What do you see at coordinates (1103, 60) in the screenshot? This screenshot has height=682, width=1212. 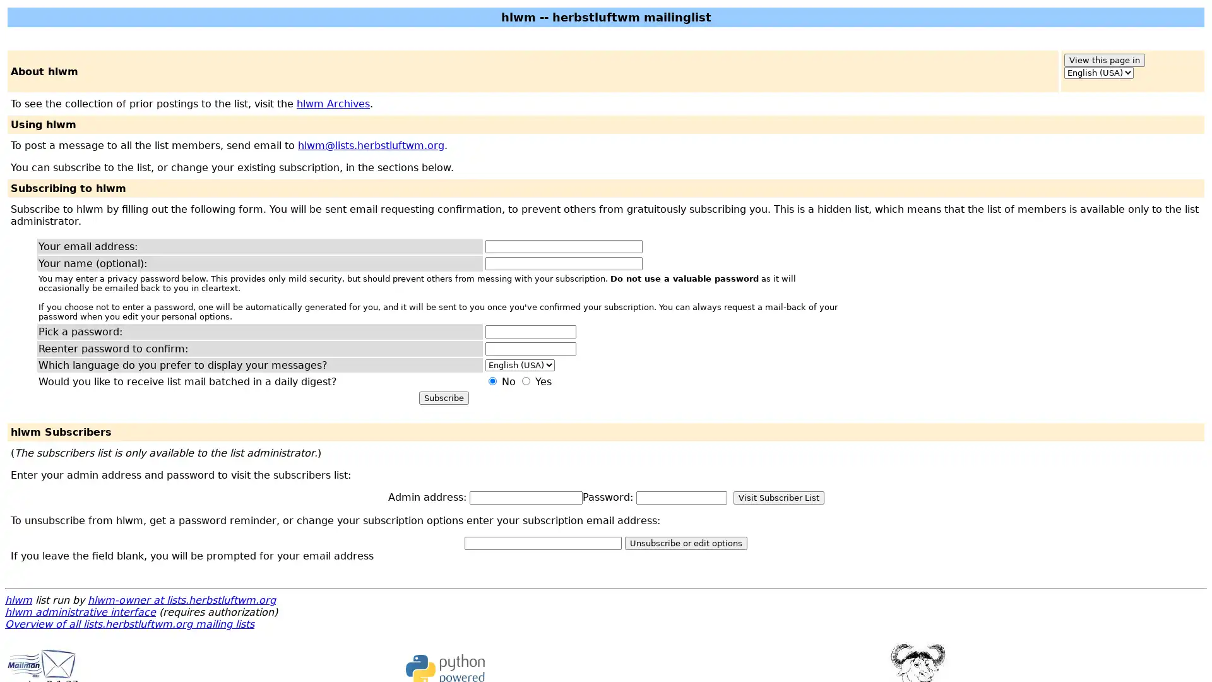 I see `View this page in` at bounding box center [1103, 60].